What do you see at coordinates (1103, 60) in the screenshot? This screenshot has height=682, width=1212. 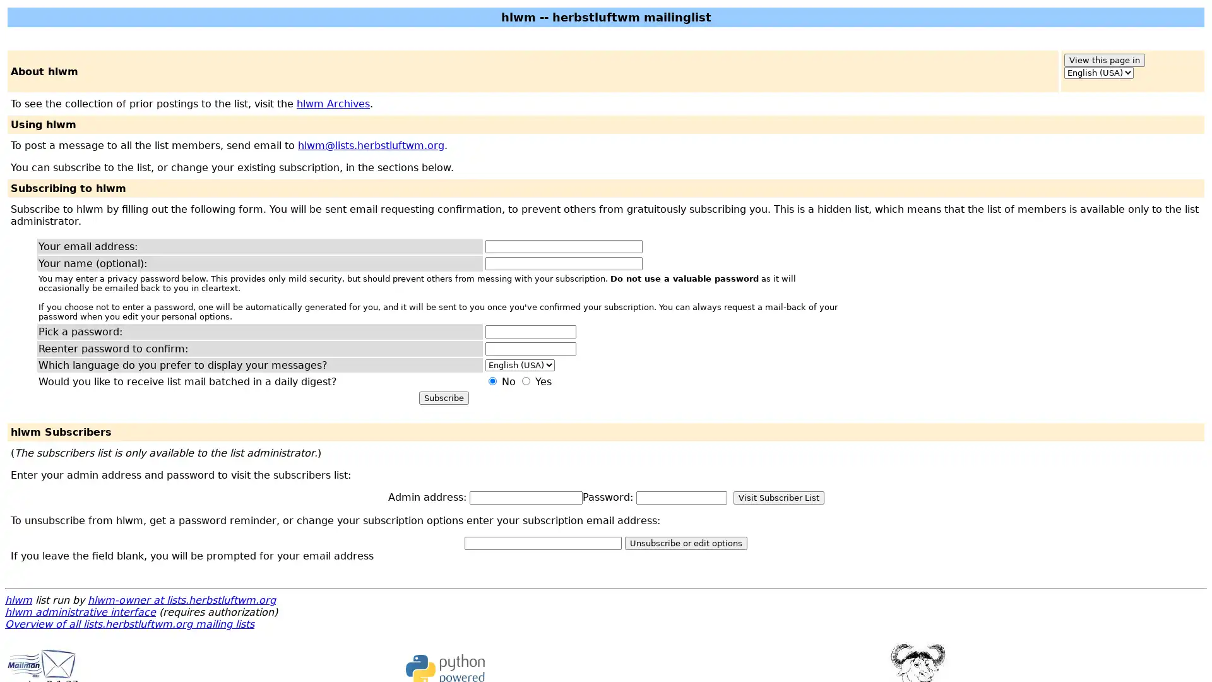 I see `View this page in` at bounding box center [1103, 60].